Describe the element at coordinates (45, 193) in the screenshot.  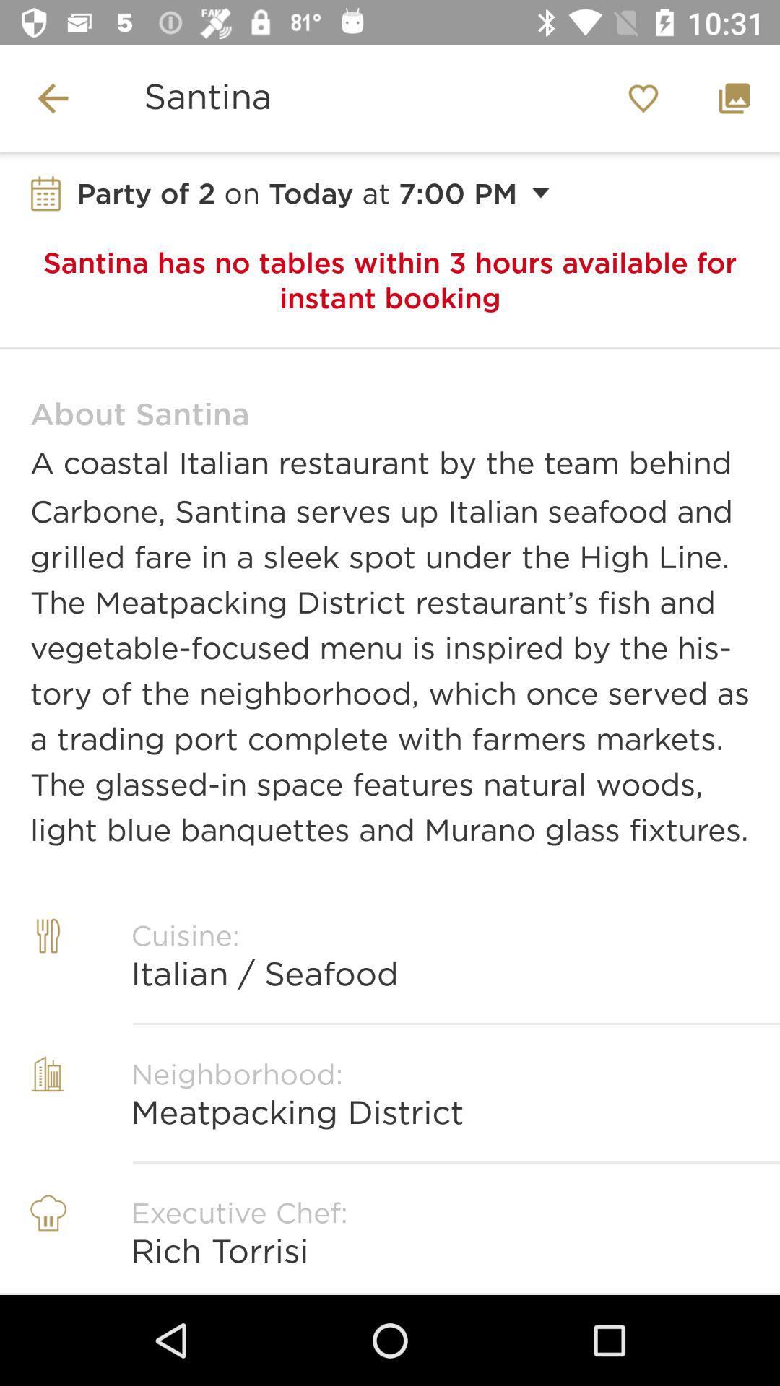
I see `calender icon at top left` at that location.